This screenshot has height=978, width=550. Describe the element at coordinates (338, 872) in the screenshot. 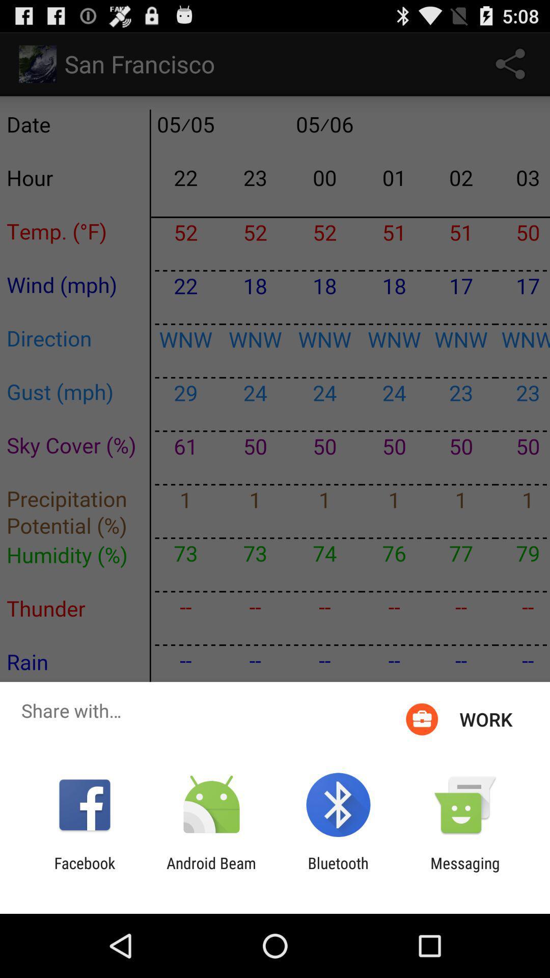

I see `bluetooth icon` at that location.